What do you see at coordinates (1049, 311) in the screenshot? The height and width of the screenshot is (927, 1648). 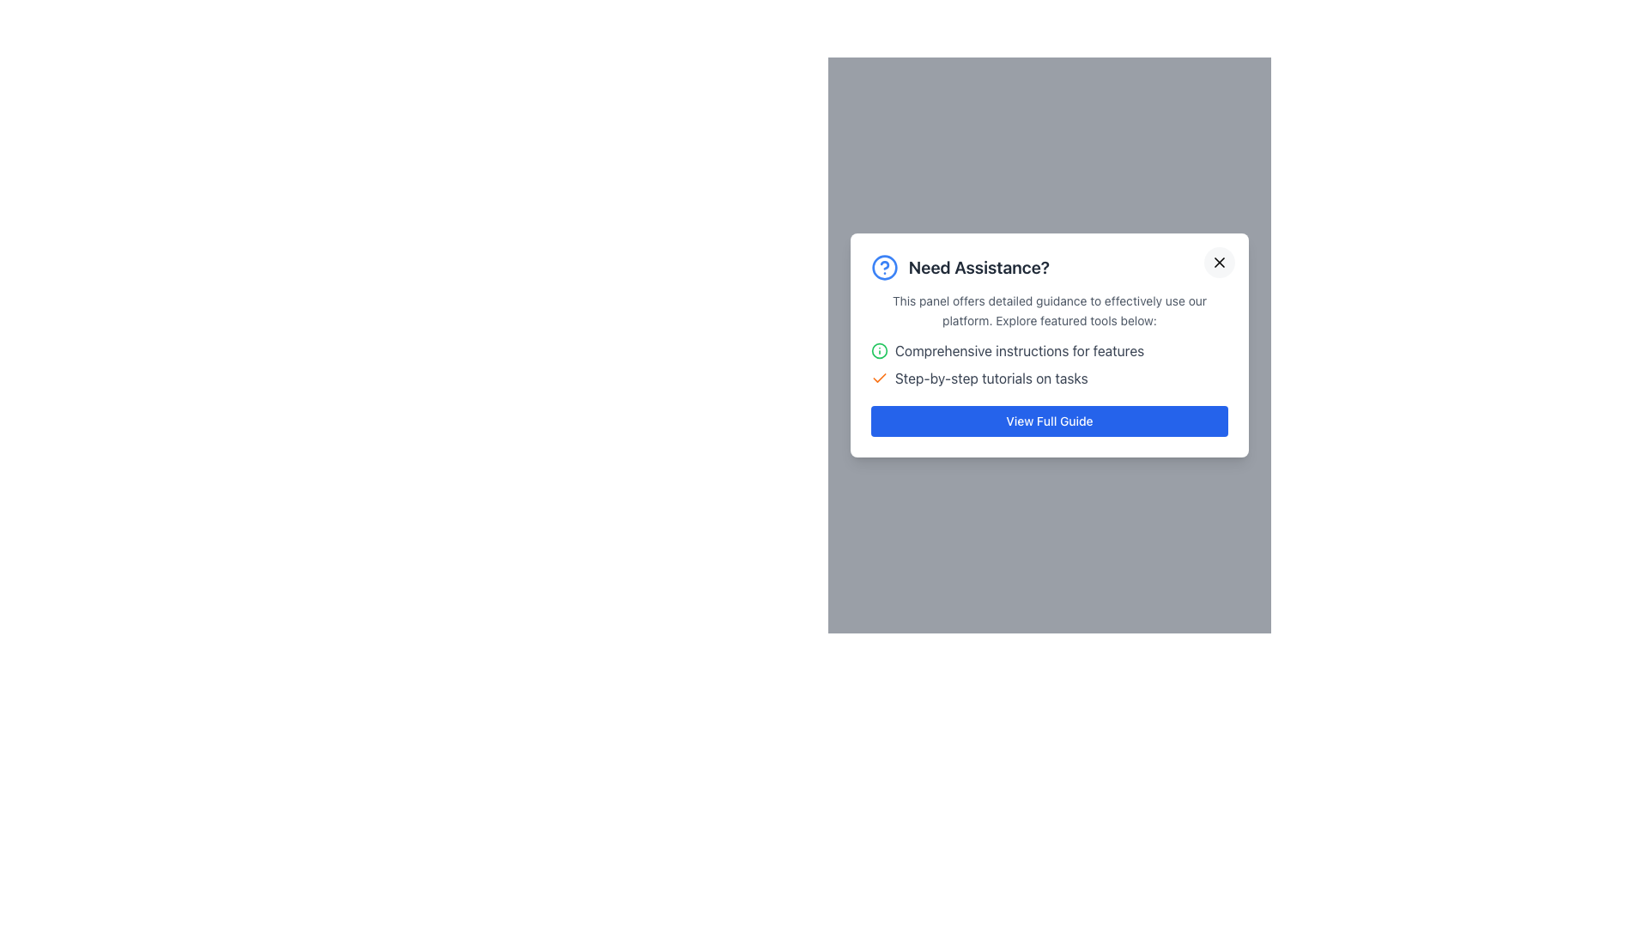 I see `text from the gray textual content block that provides guidance, located centrally below the title 'Need Assistance?'` at bounding box center [1049, 311].